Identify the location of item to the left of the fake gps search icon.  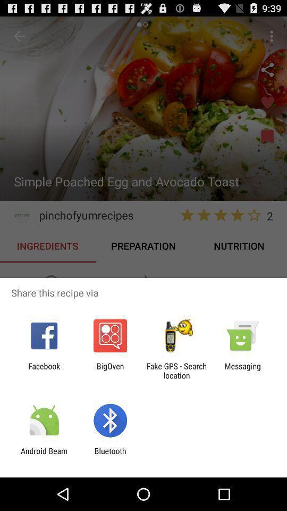
(109, 370).